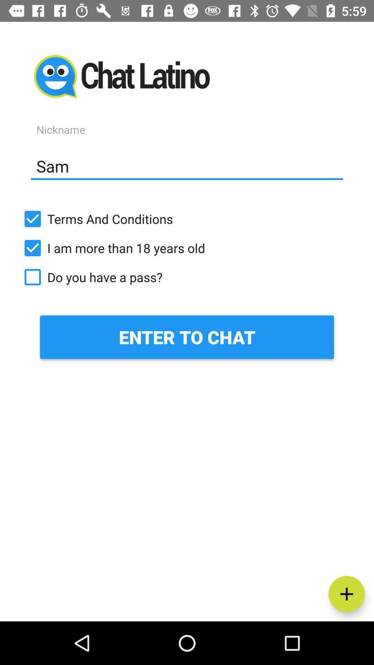 The height and width of the screenshot is (665, 374). Describe the element at coordinates (187, 166) in the screenshot. I see `the sam icon` at that location.